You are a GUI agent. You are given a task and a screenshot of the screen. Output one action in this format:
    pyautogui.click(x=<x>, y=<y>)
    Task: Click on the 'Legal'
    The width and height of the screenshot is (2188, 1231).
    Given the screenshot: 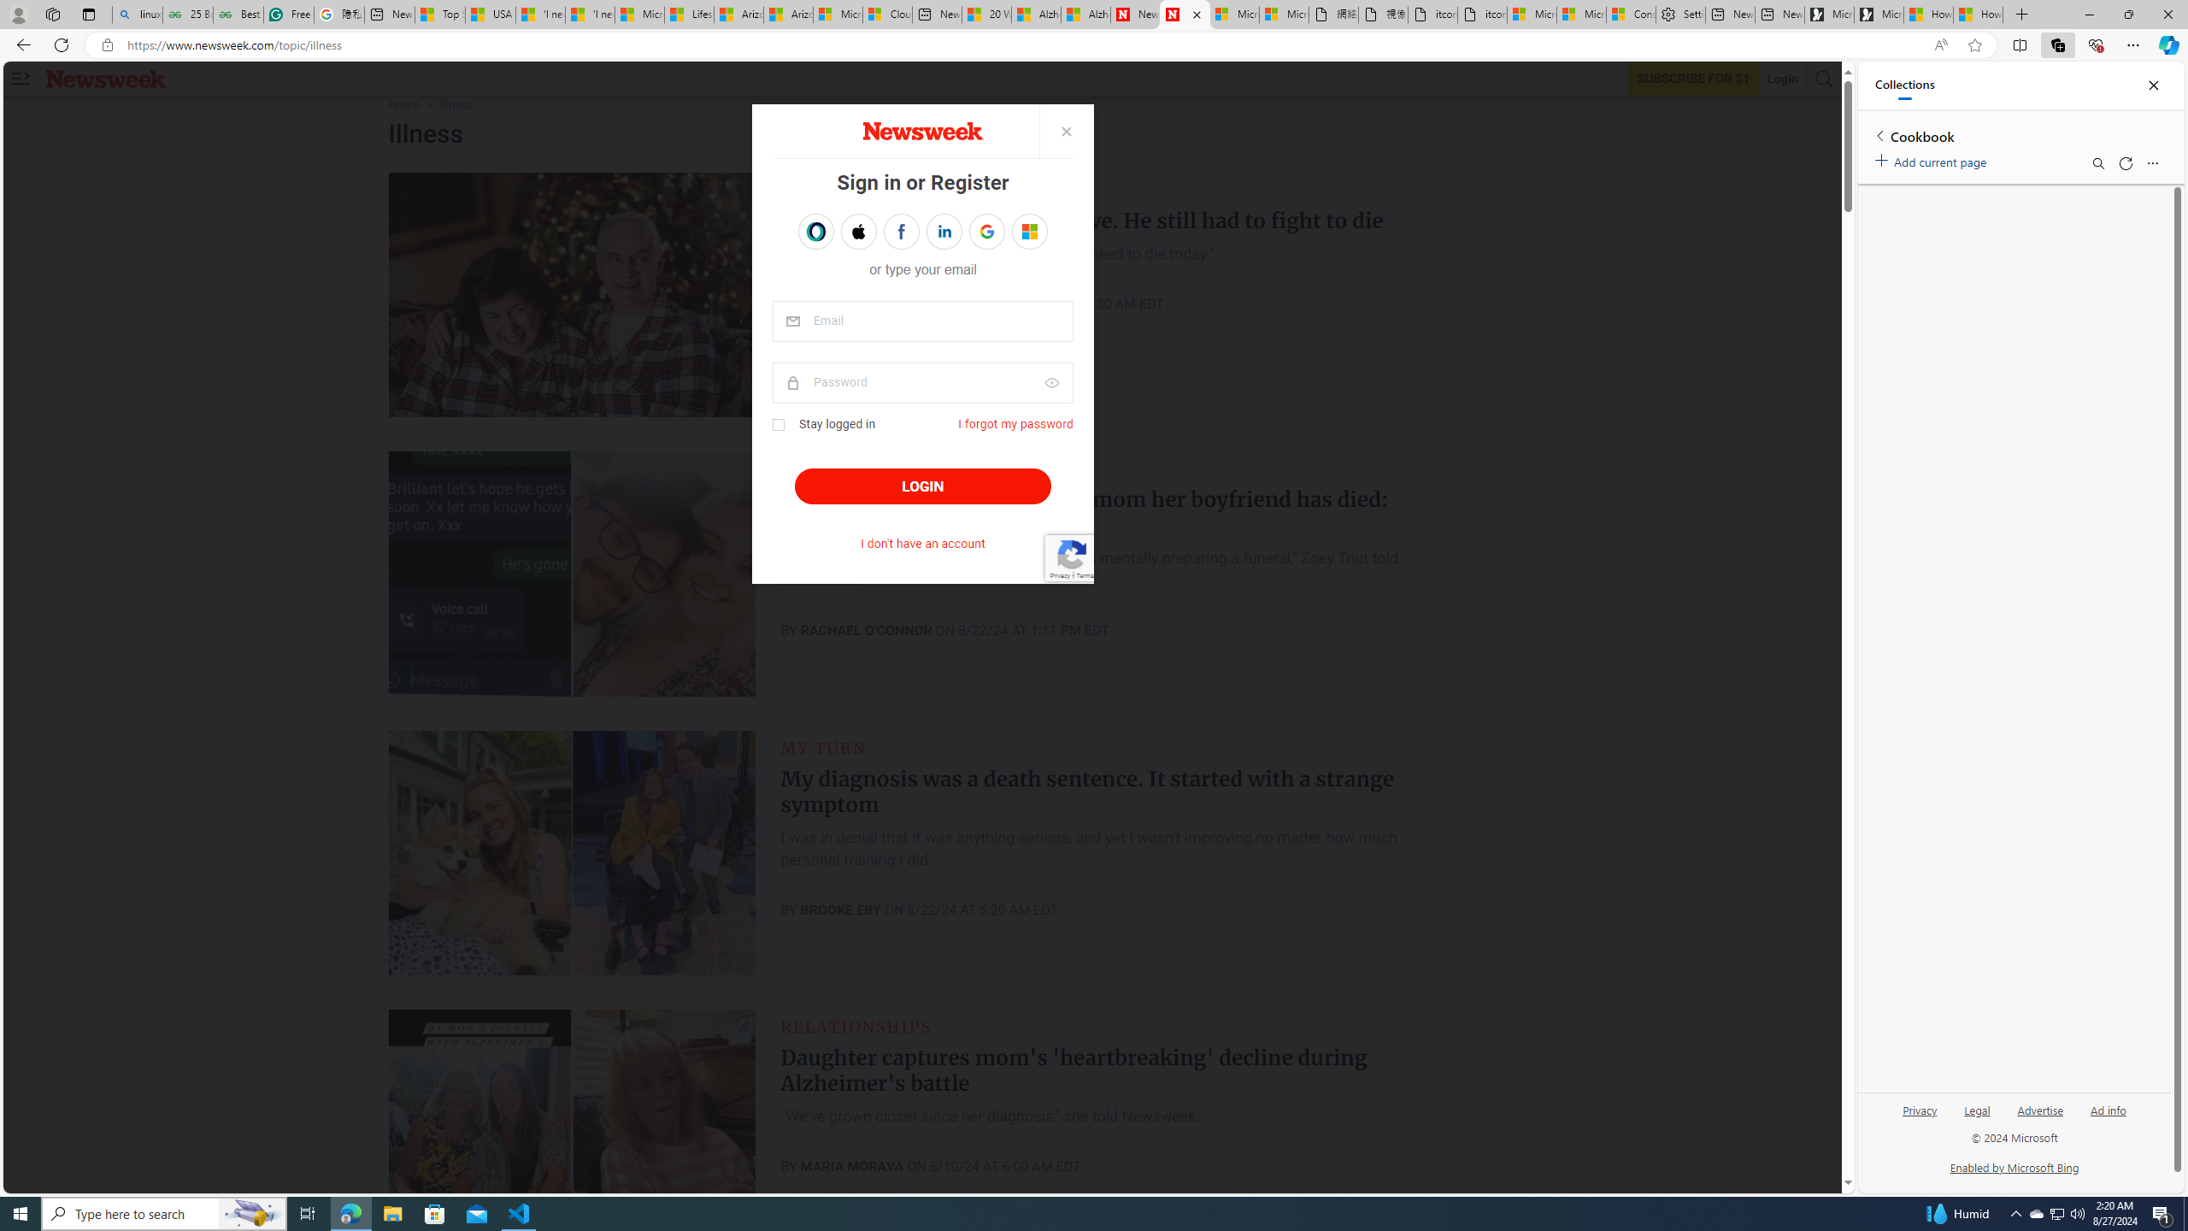 What is the action you would take?
    pyautogui.click(x=1978, y=1110)
    